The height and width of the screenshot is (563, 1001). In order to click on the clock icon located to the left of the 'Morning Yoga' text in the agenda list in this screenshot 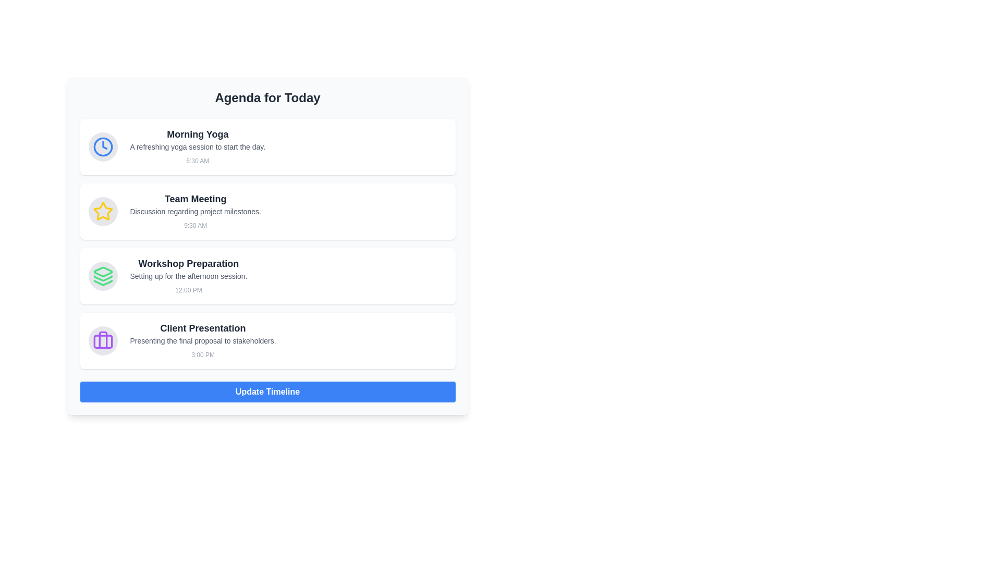, I will do `click(103, 146)`.